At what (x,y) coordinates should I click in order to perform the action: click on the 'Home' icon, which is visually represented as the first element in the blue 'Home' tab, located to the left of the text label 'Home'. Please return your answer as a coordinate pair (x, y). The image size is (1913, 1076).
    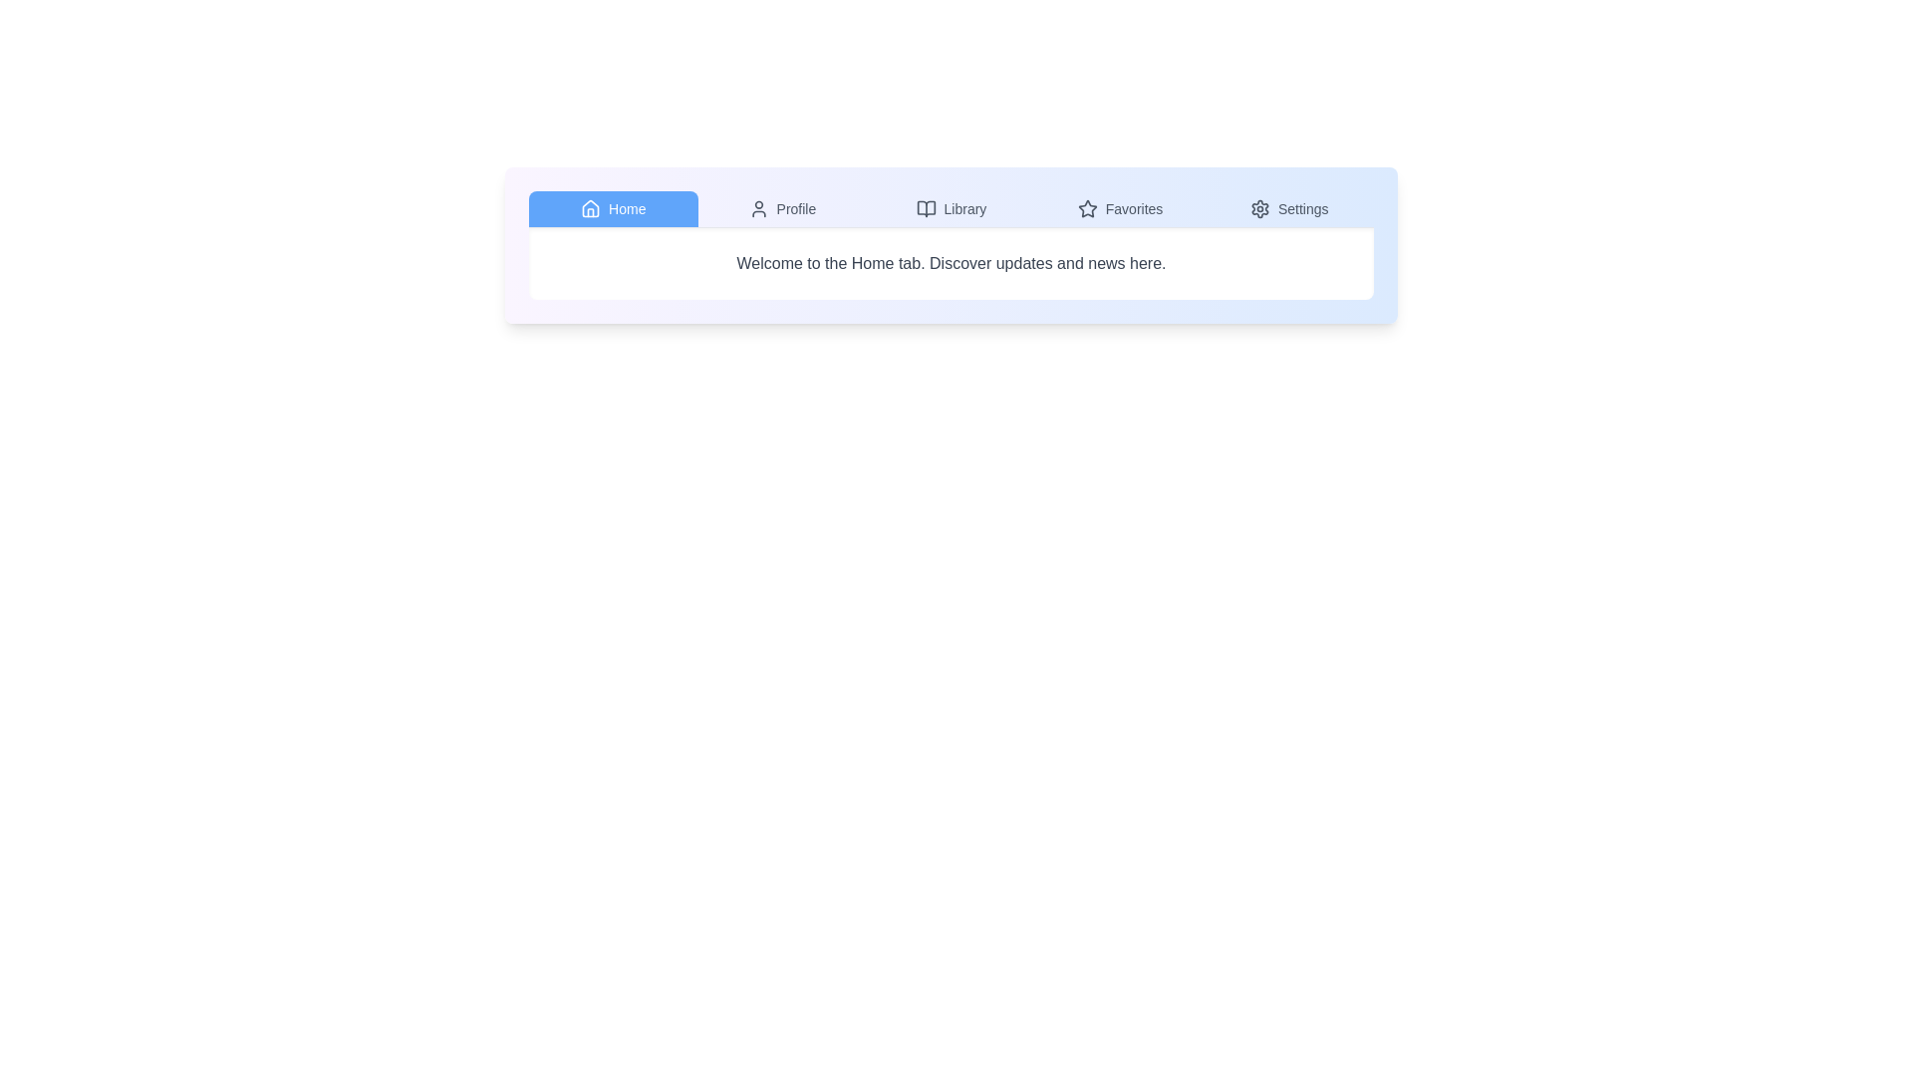
    Looking at the image, I should click on (590, 208).